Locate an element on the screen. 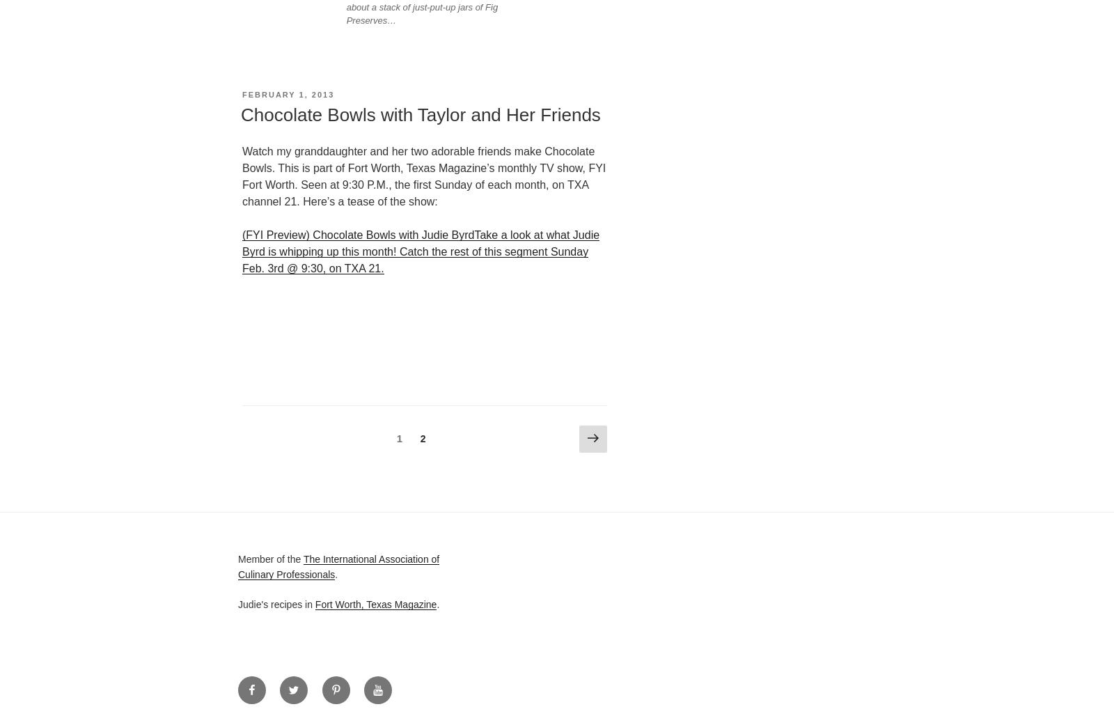 The width and height of the screenshot is (1114, 716). '2' is located at coordinates (420, 437).